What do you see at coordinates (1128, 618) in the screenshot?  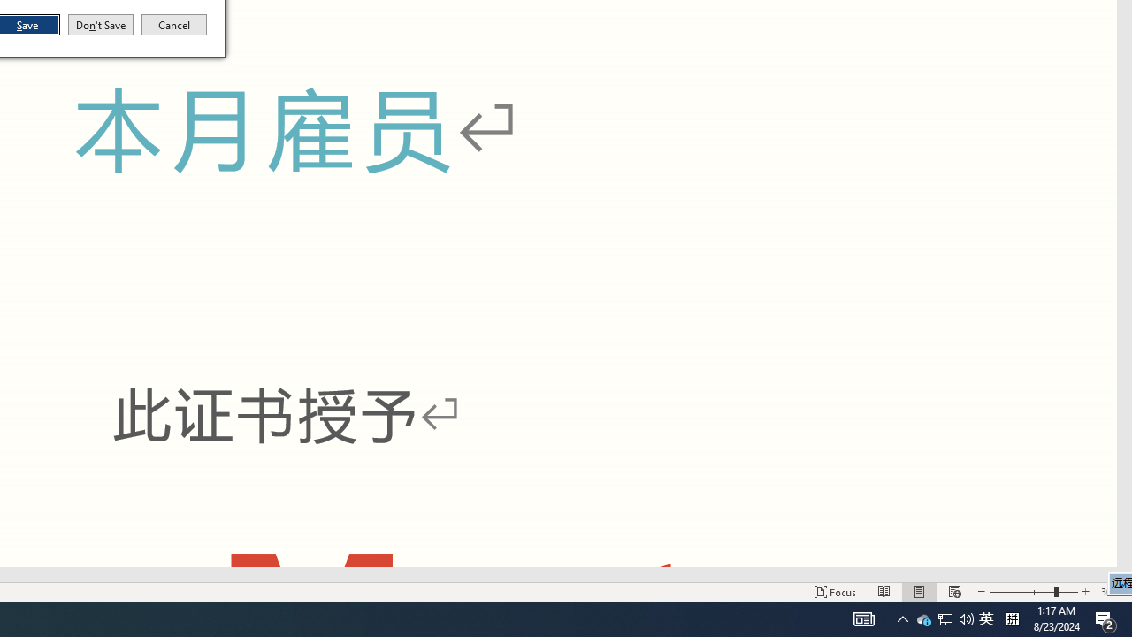 I see `'Show desktop'` at bounding box center [1128, 618].